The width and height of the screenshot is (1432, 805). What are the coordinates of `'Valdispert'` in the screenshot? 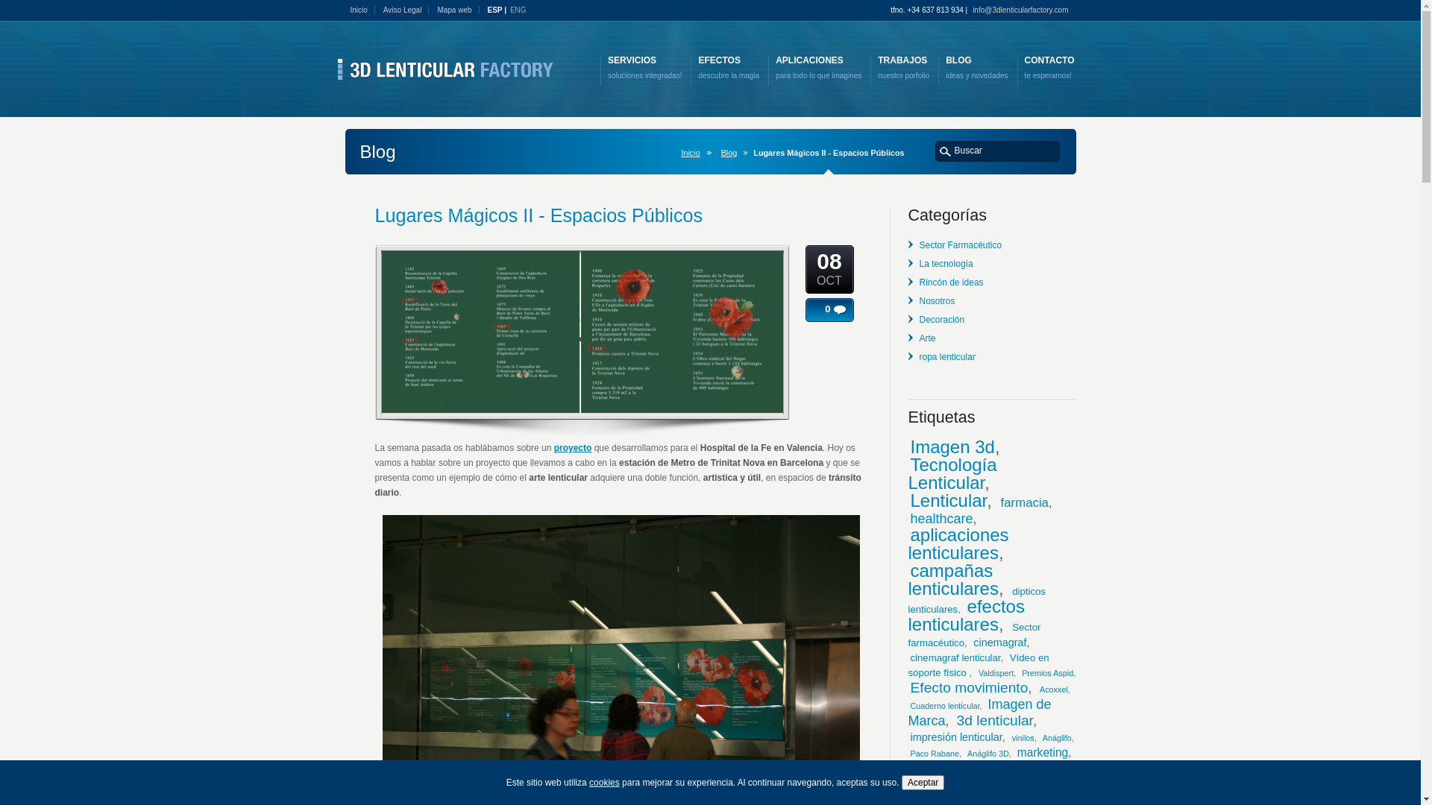 It's located at (978, 672).